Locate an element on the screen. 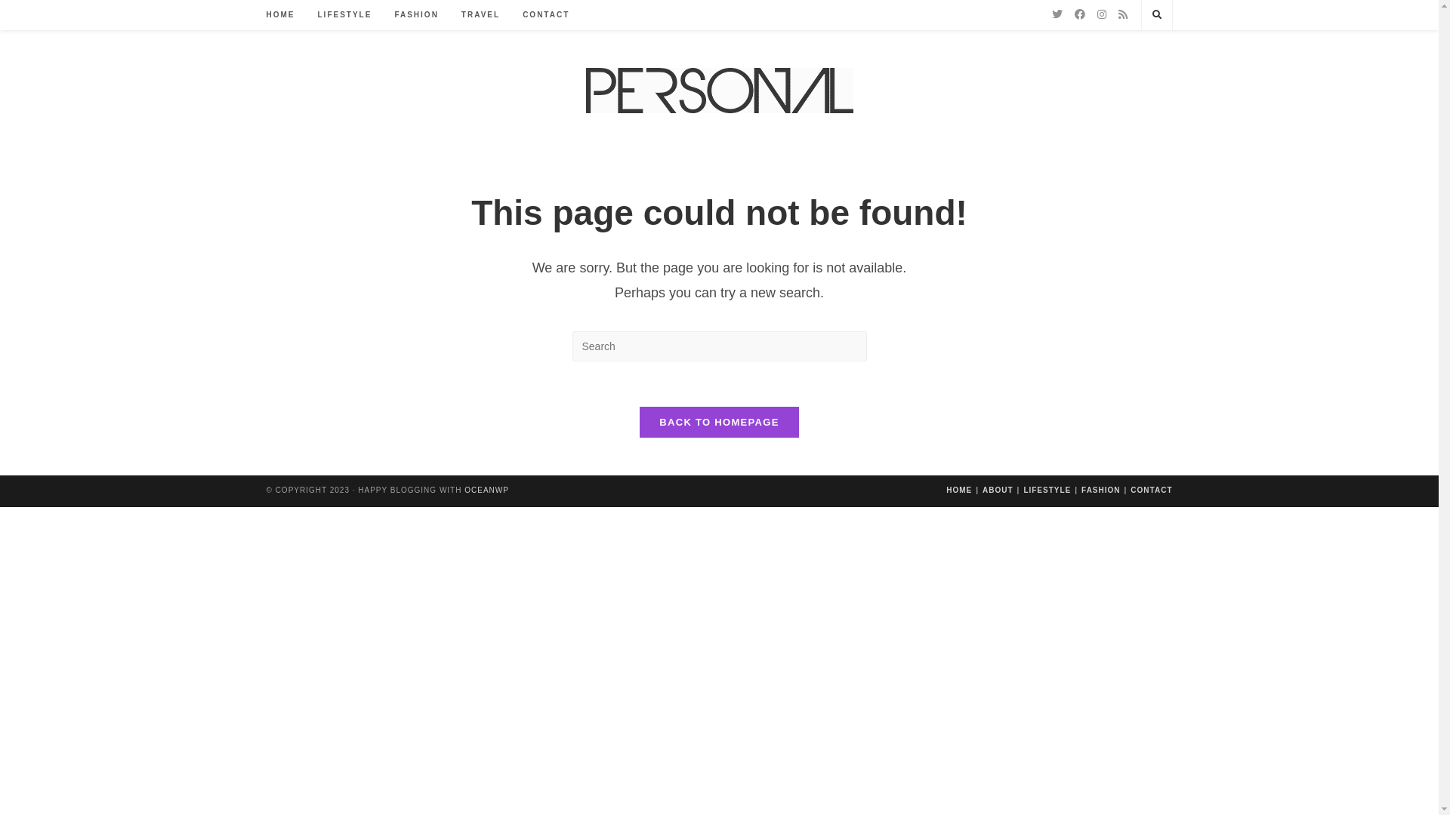 Image resolution: width=1450 pixels, height=815 pixels. 'TRAVEL' is located at coordinates (480, 14).